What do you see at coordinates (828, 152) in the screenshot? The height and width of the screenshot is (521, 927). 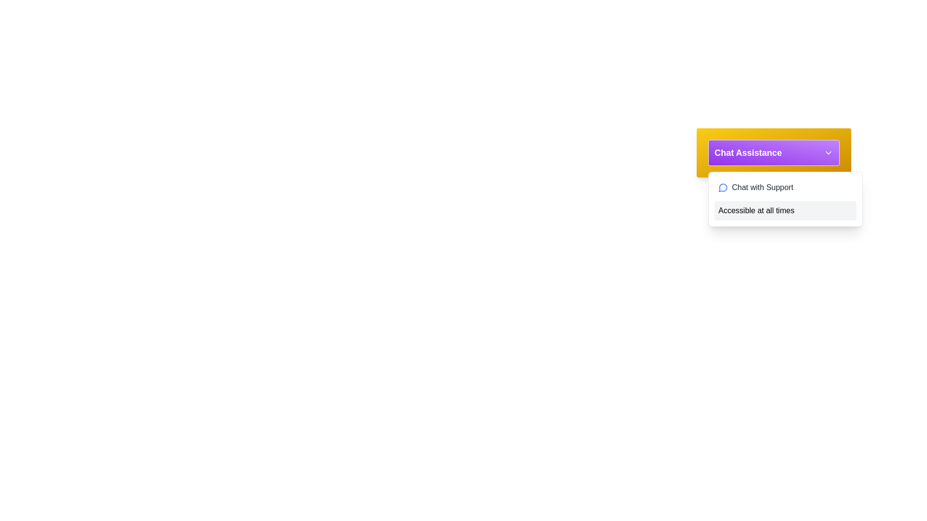 I see `the downward-facing chevron icon located on the right side of the 'Chat Assistance' button` at bounding box center [828, 152].